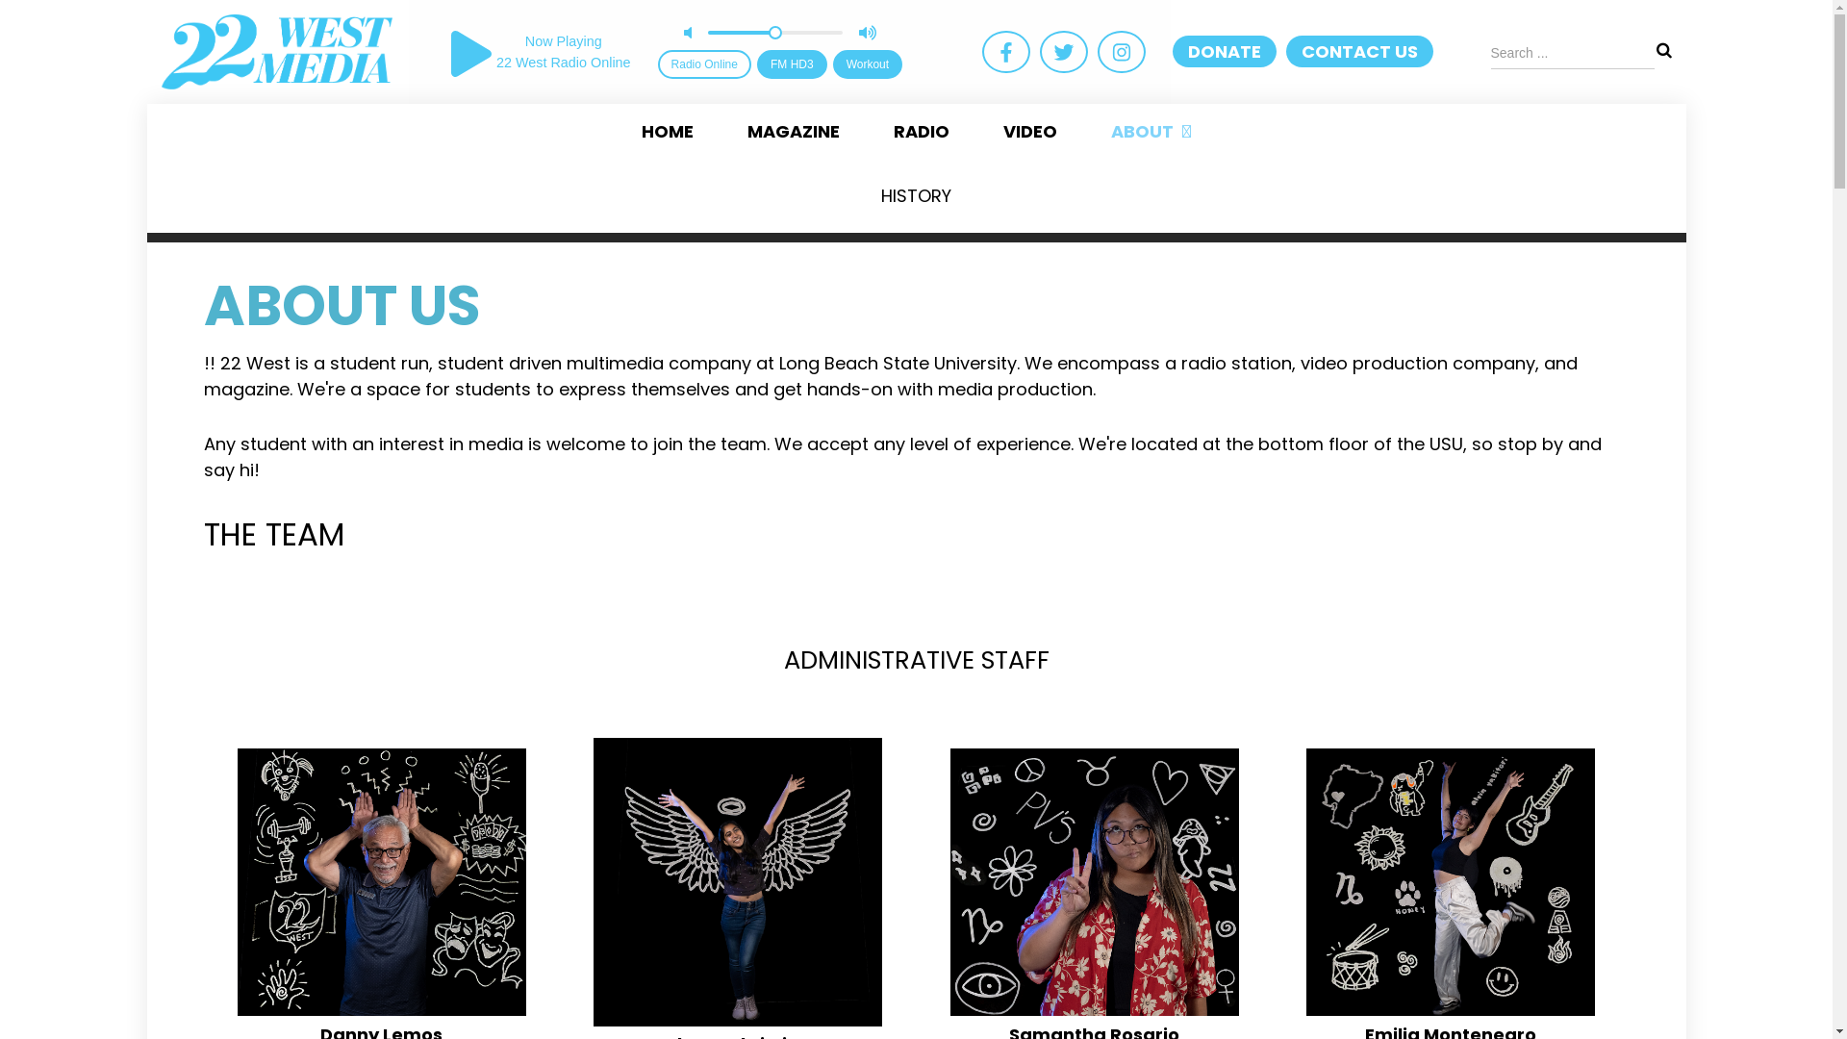  I want to click on 'RADIO', so click(921, 131).